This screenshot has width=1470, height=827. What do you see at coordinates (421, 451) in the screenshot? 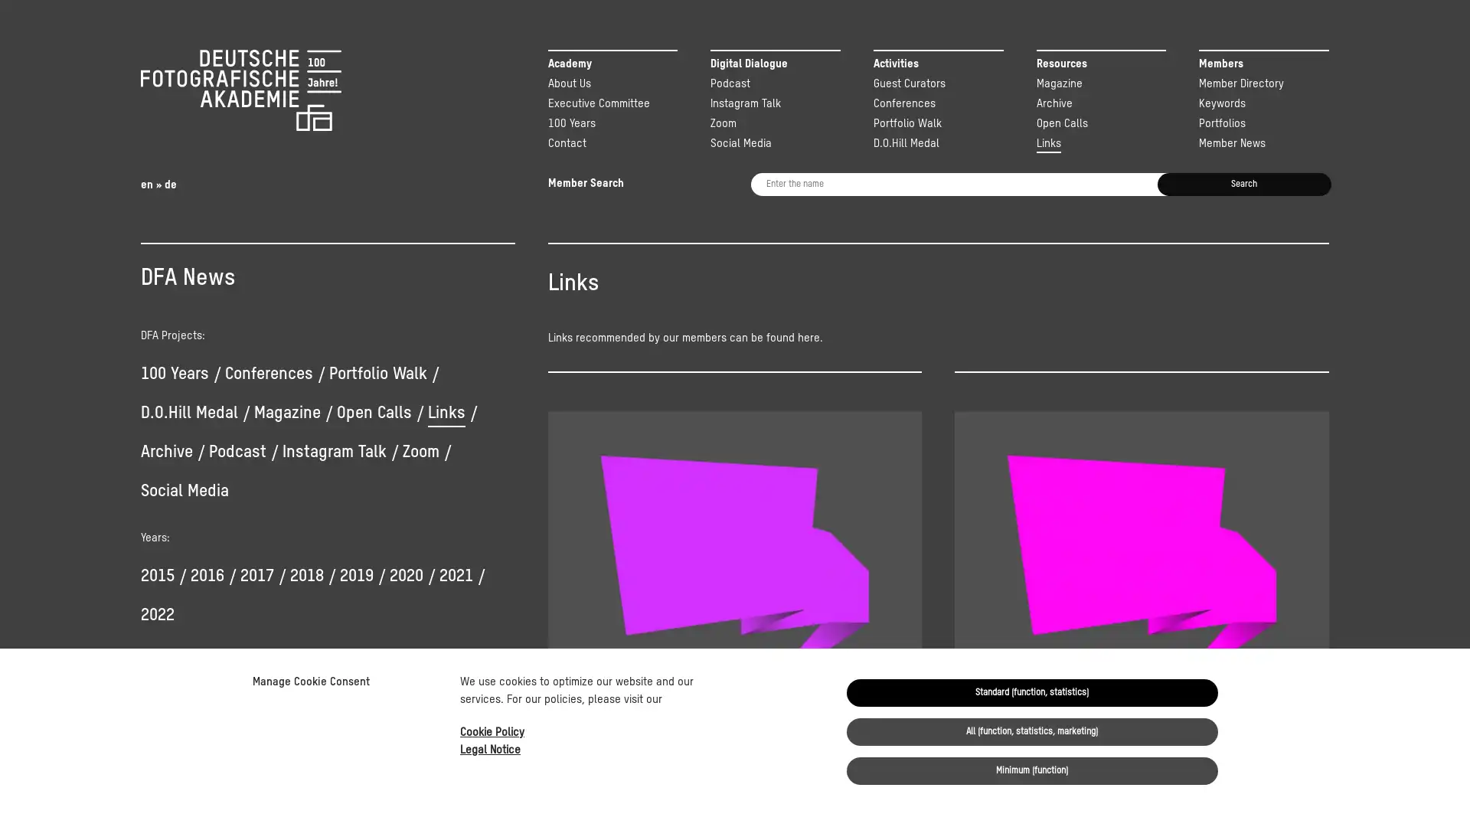
I see `Zoom` at bounding box center [421, 451].